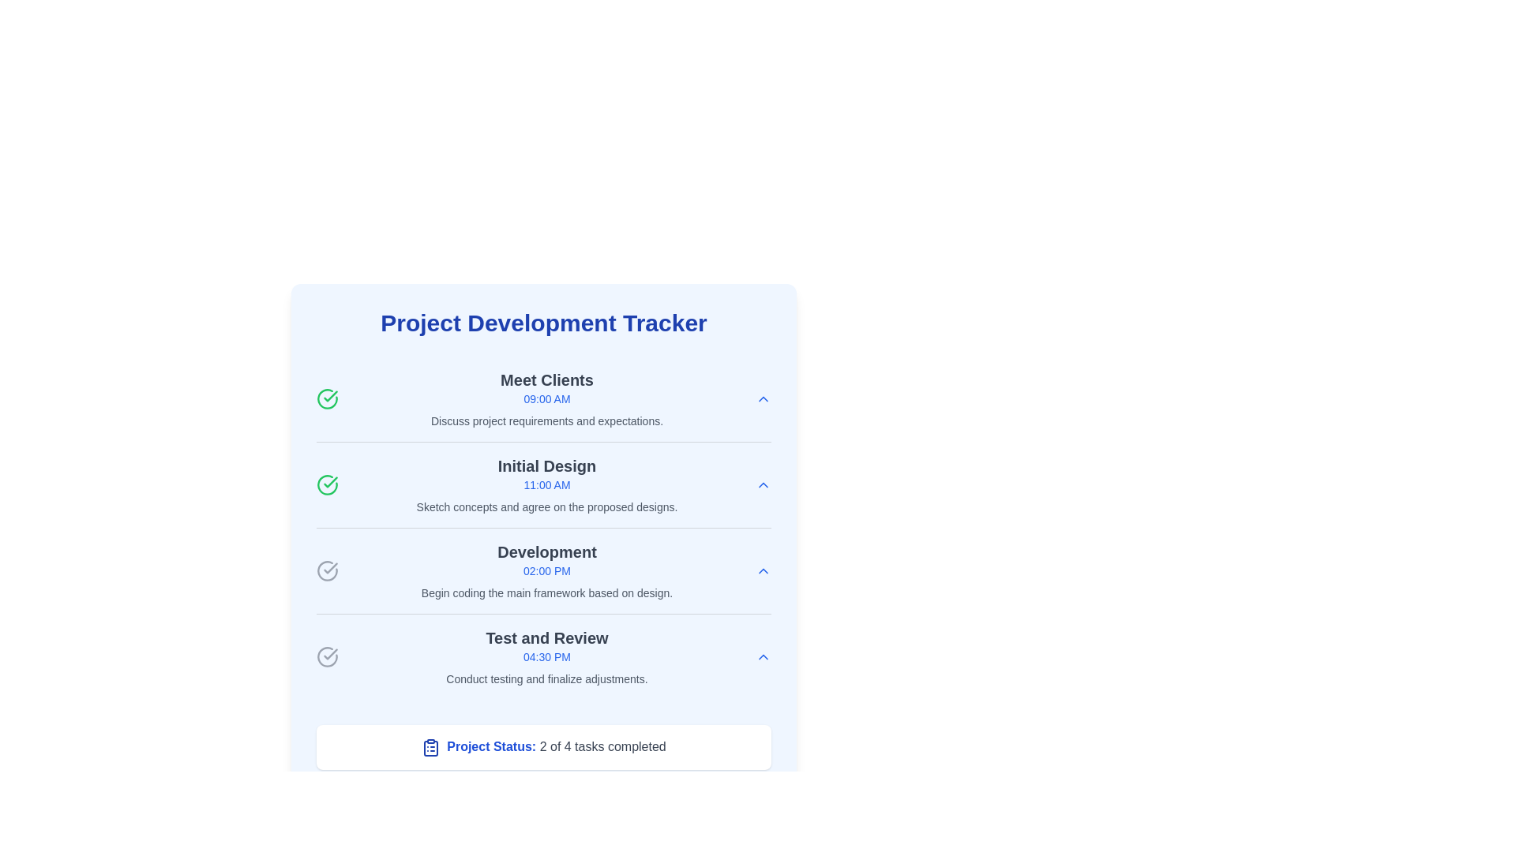 The image size is (1516, 852). I want to click on the second task entry in the scheduler or planner interface, which includes a task name, time, description, and a green checkmark indicating completion status, so click(544, 483).